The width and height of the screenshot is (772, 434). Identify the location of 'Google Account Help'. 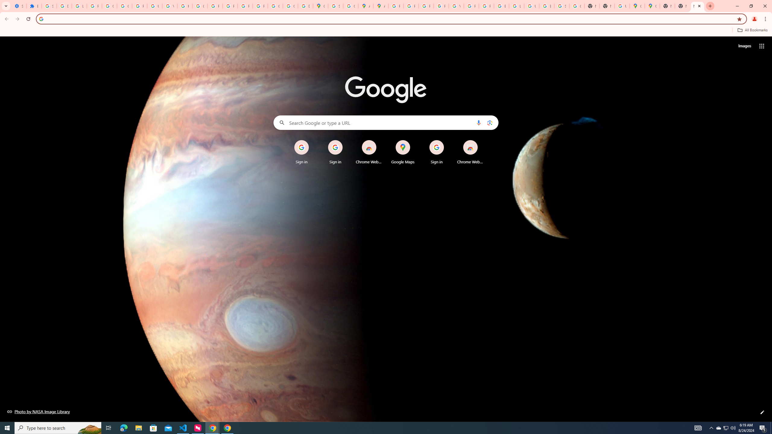
(109, 6).